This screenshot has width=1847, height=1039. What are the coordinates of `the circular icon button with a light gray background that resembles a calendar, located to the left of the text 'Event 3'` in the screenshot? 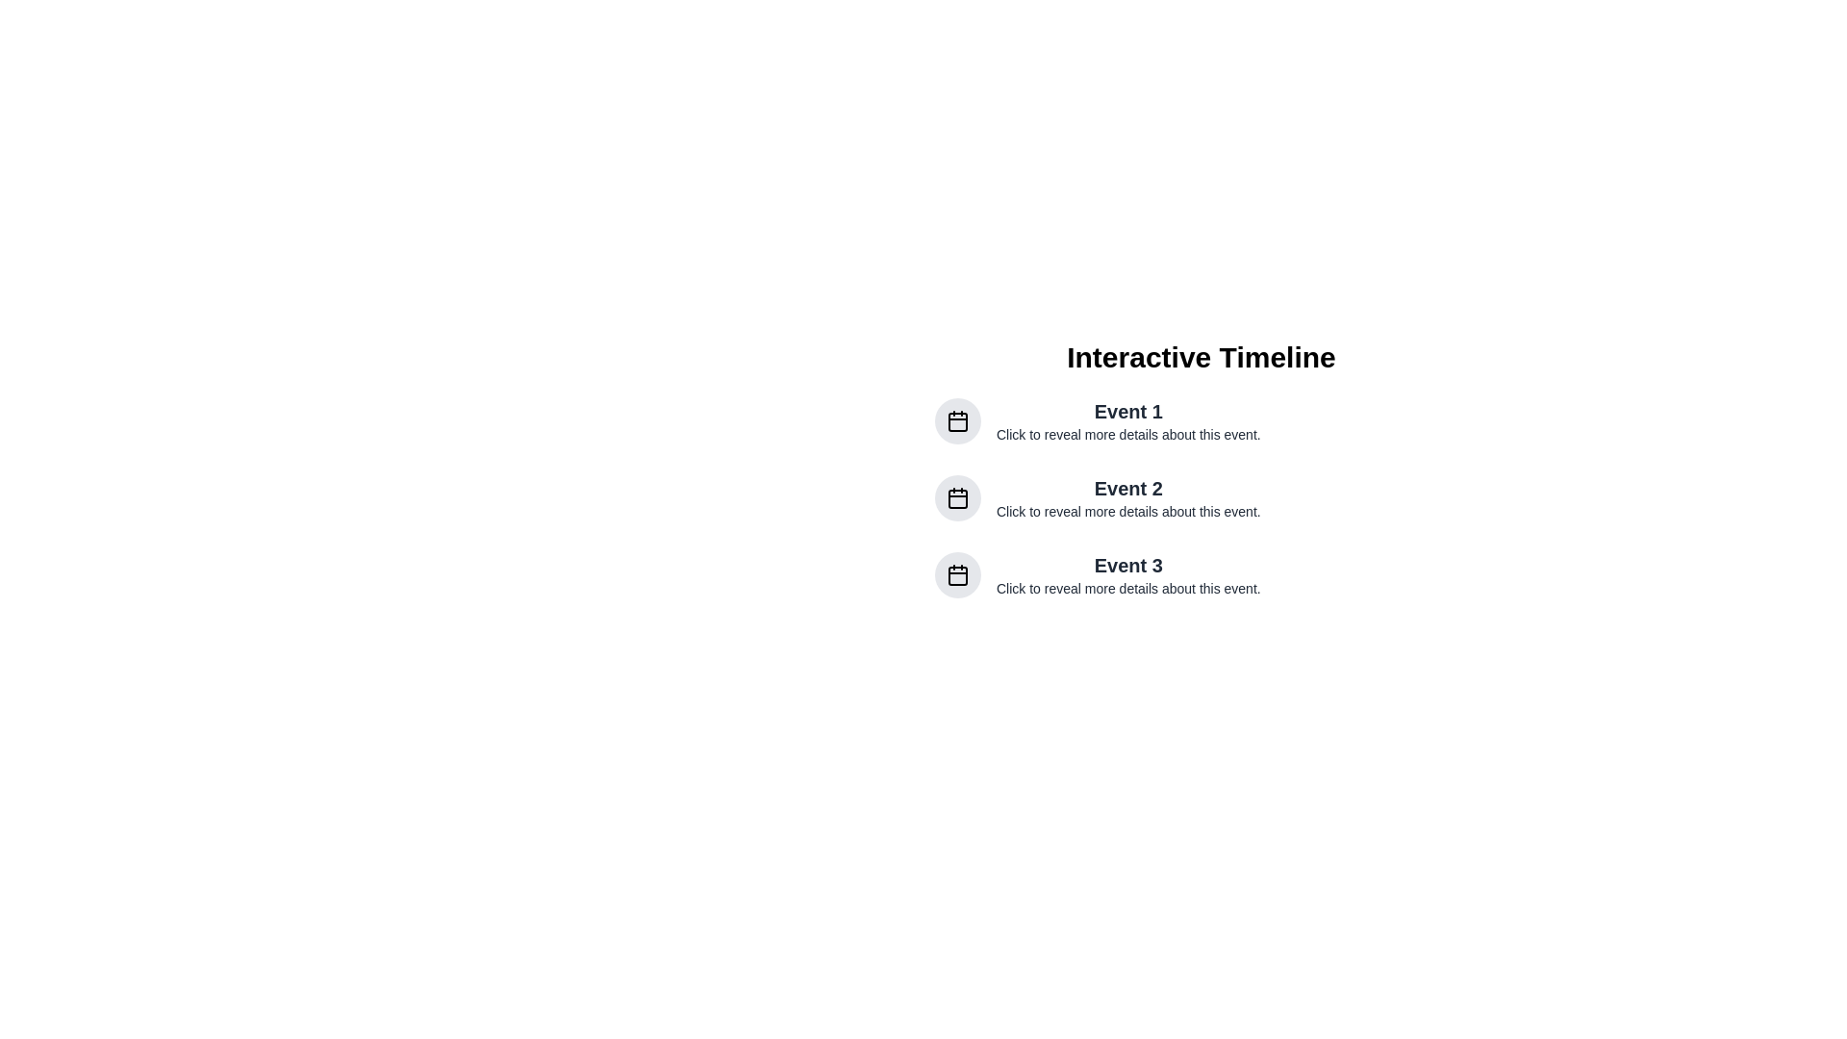 It's located at (958, 573).